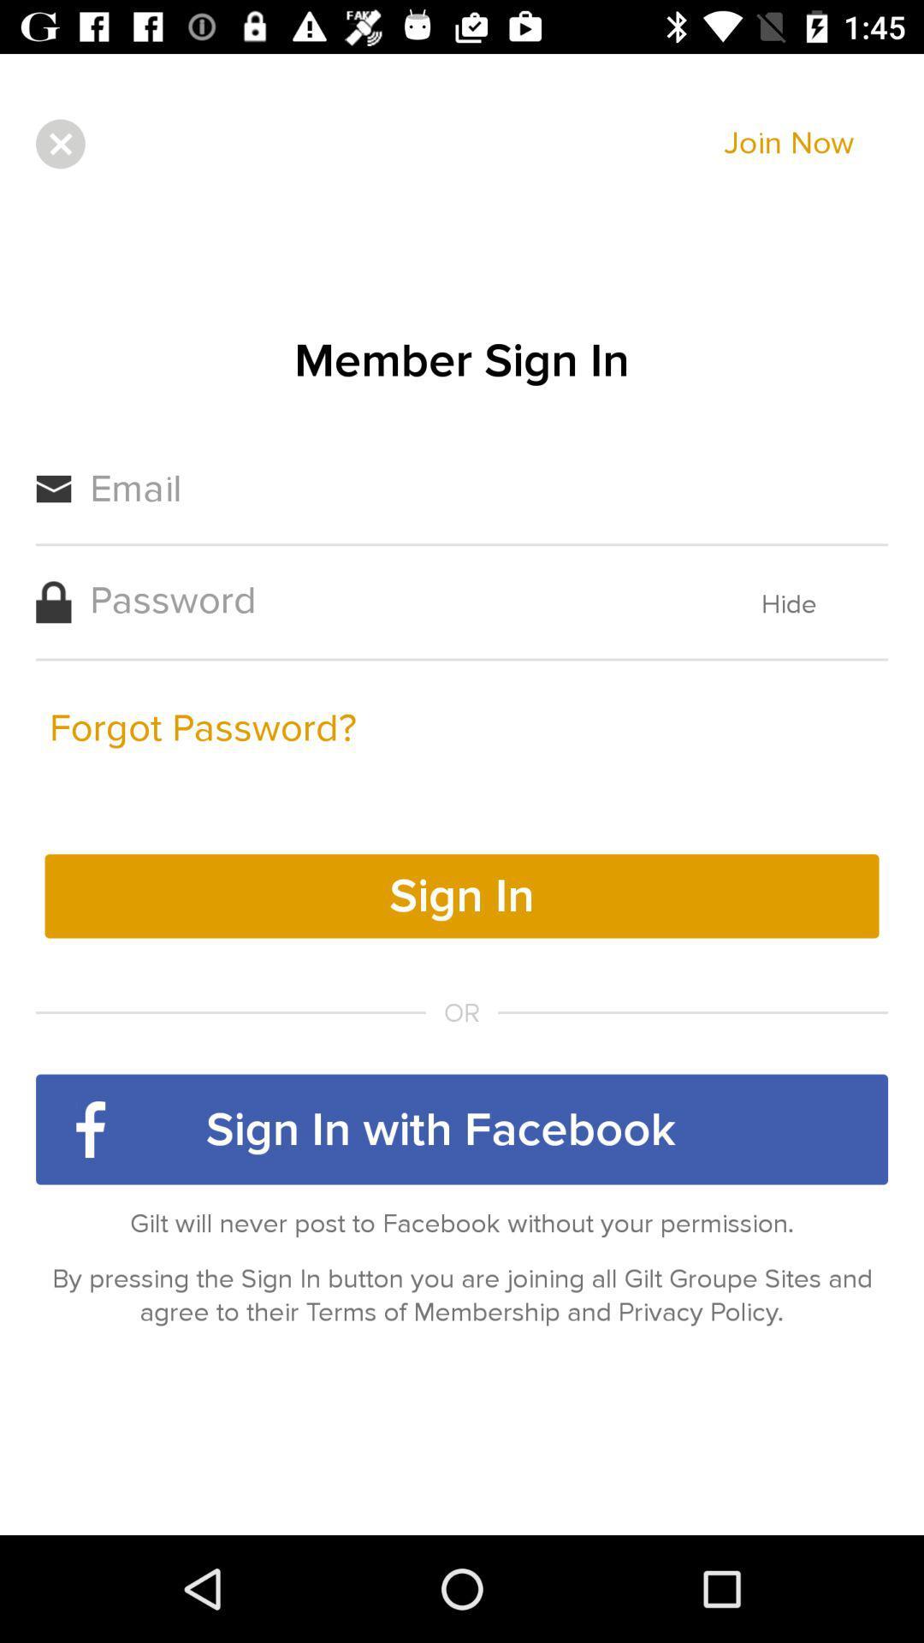 This screenshot has height=1643, width=924. Describe the element at coordinates (789, 604) in the screenshot. I see `the text hide` at that location.